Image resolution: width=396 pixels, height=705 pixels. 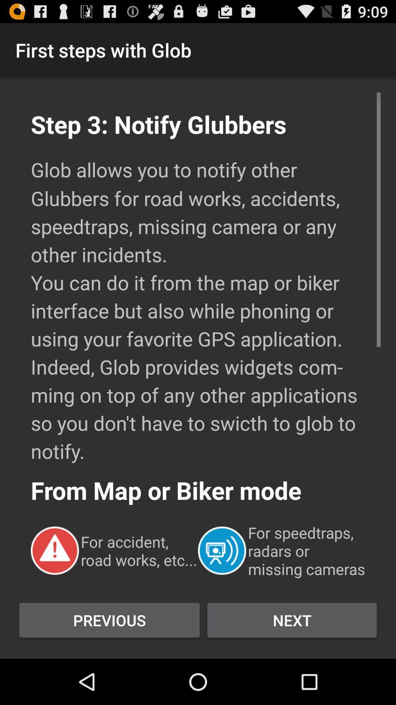 I want to click on button next to previous item, so click(x=291, y=620).